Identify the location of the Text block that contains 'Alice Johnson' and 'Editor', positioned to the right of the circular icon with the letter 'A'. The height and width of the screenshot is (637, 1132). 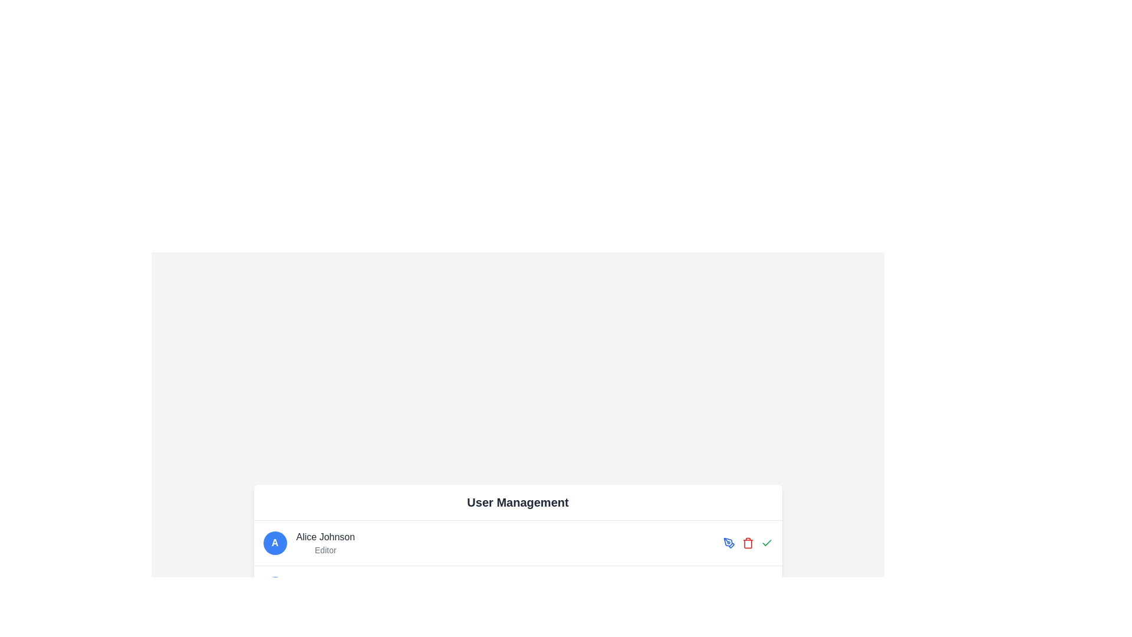
(325, 543).